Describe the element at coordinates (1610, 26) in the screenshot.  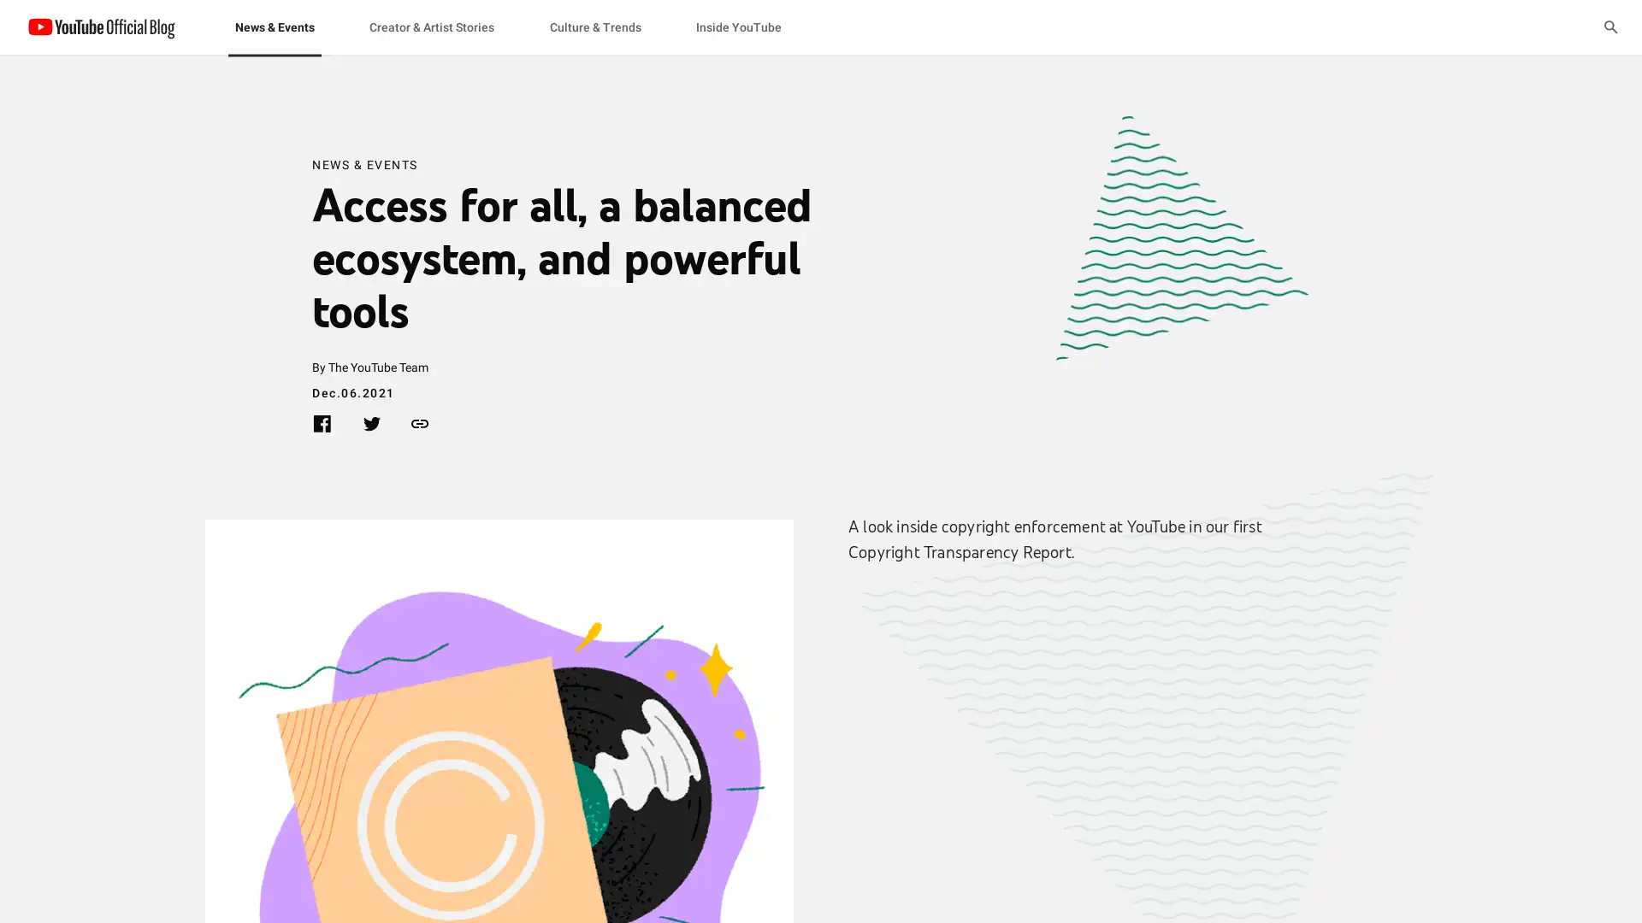
I see `Open Search` at that location.